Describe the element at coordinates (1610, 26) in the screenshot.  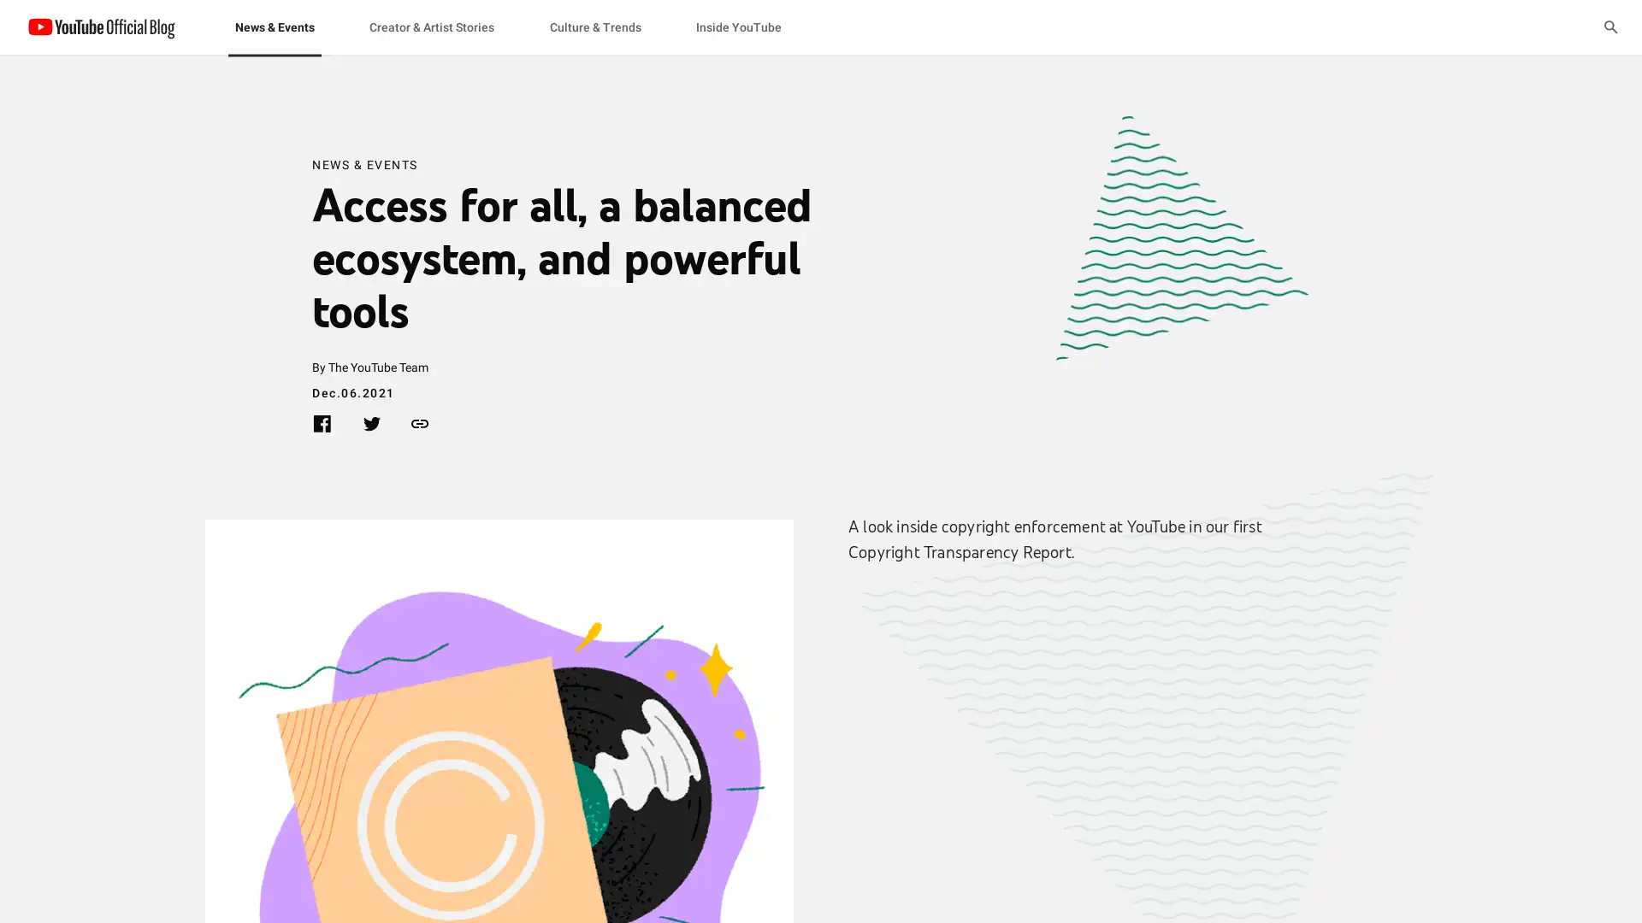
I see `Open Search` at that location.